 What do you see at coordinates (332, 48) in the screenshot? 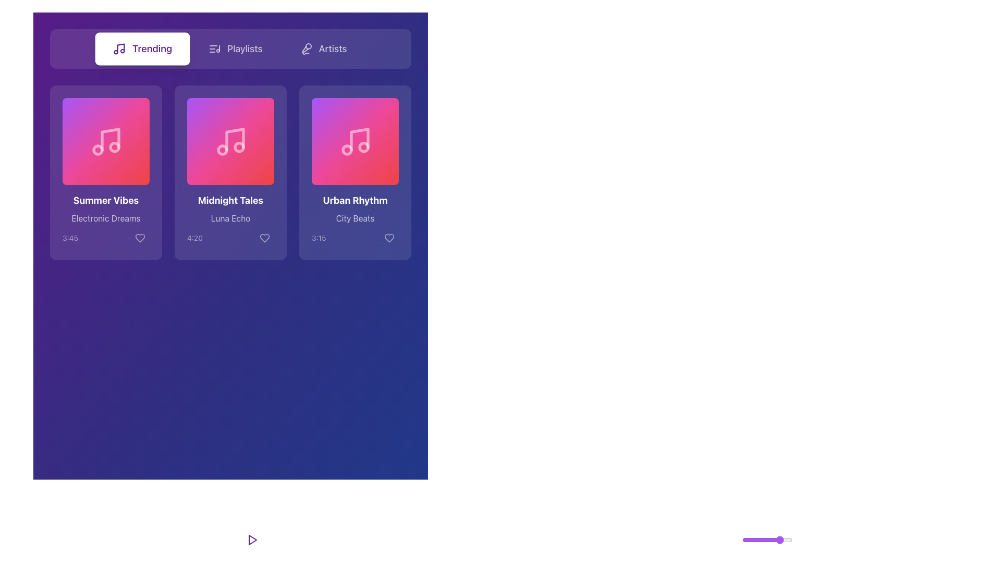
I see `the Text Label indicating the section related to artists in the menu bar` at bounding box center [332, 48].